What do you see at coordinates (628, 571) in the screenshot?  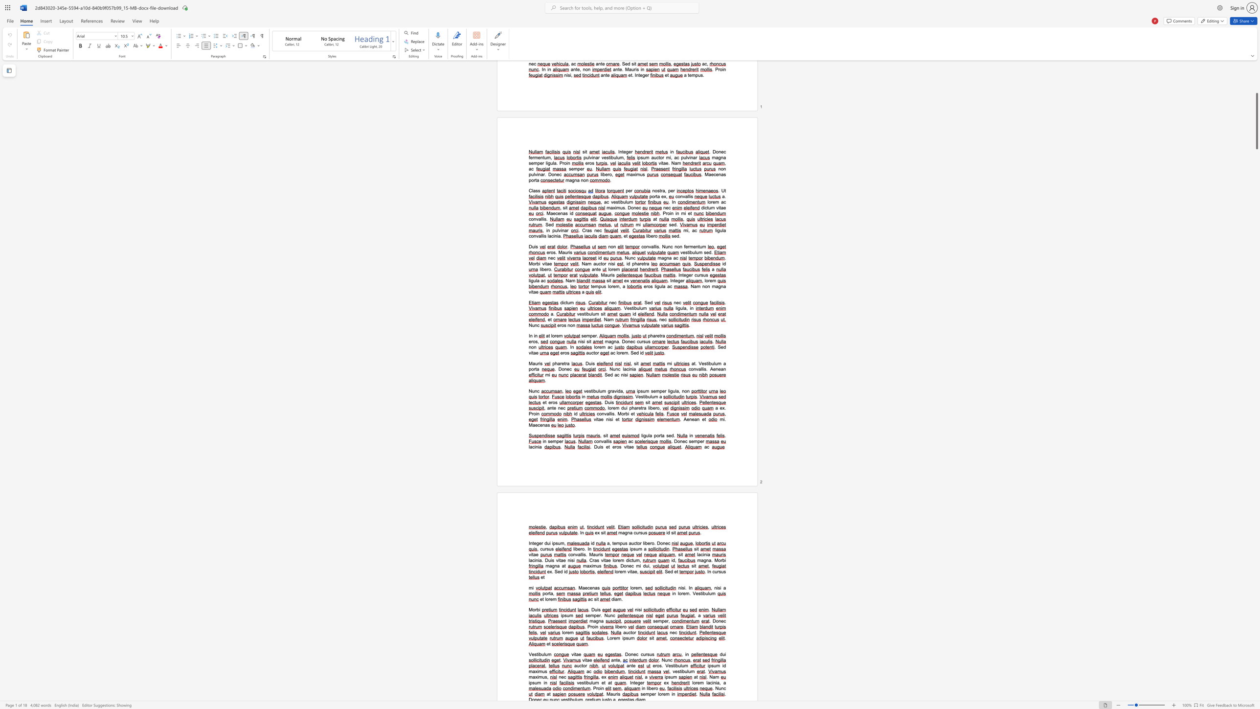 I see `the 1th character "v" in the text` at bounding box center [628, 571].